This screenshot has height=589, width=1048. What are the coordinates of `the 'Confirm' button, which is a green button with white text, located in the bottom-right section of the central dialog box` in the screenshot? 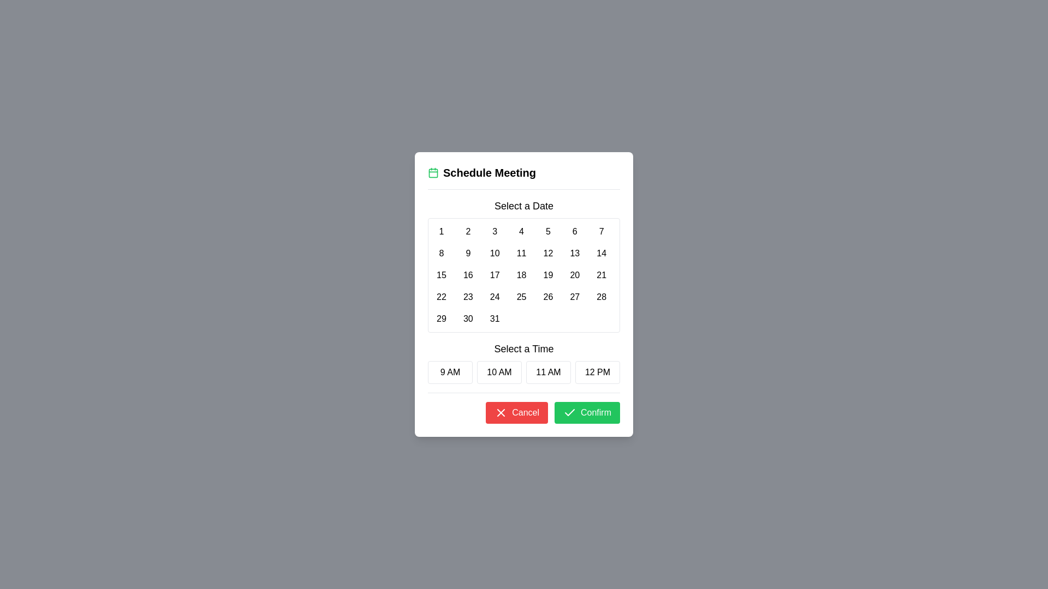 It's located at (595, 412).